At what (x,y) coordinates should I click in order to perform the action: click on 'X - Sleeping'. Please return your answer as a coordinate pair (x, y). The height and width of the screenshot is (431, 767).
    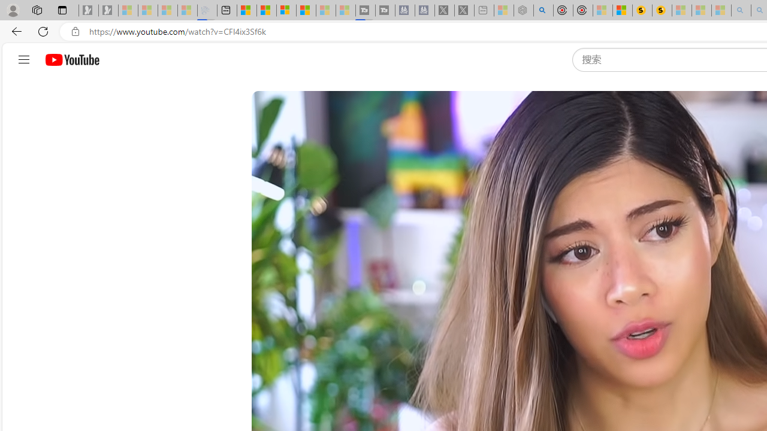
    Looking at the image, I should click on (464, 10).